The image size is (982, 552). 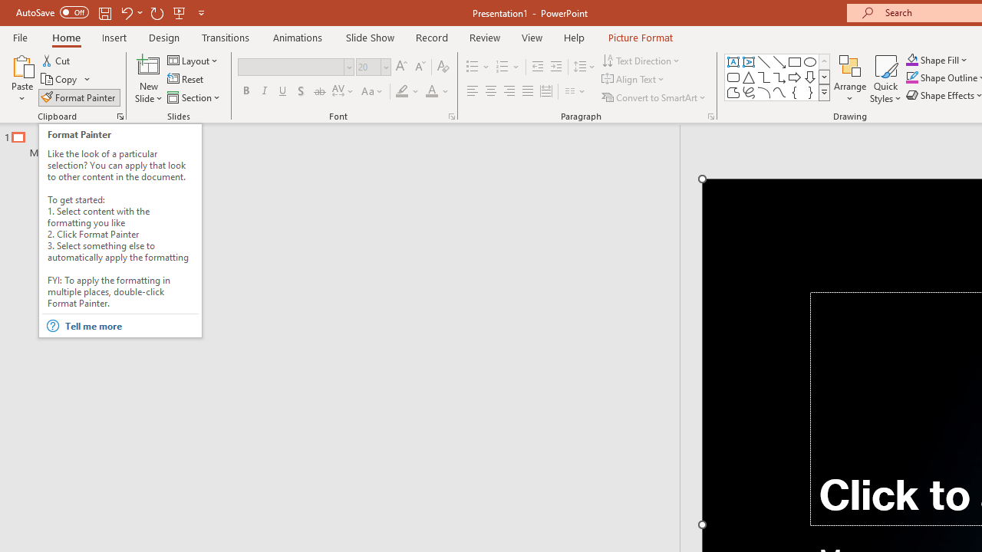 I want to click on 'Italic', so click(x=264, y=91).